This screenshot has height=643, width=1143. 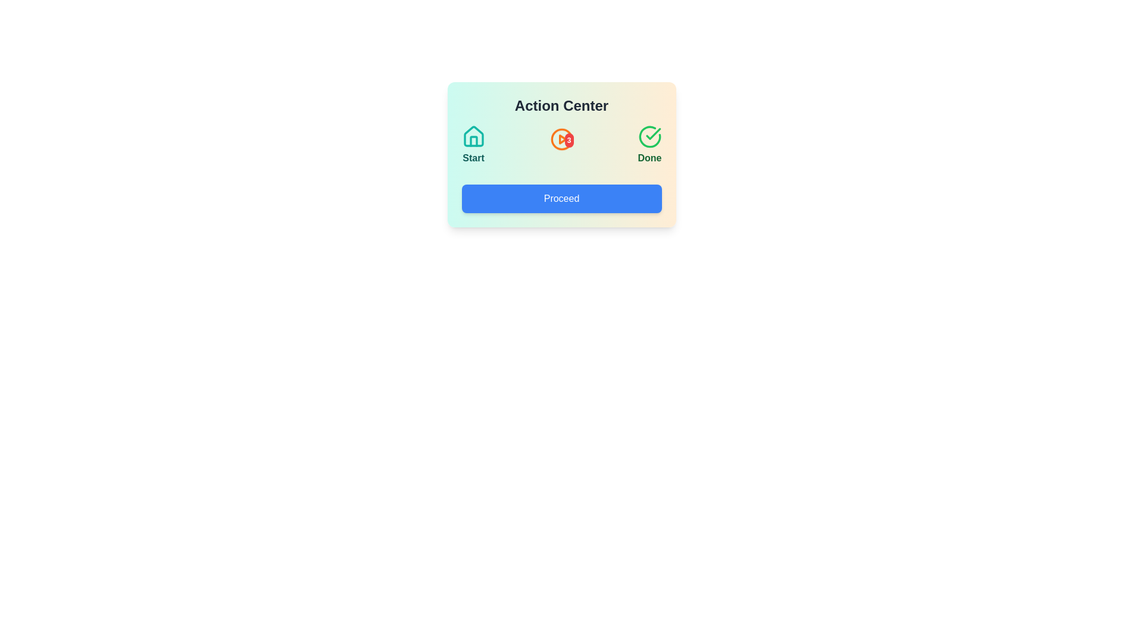 What do you see at coordinates (569, 139) in the screenshot?
I see `the small red badge with the white number '3' in bold text, which is positioned at the top-right corner of a circular play icon` at bounding box center [569, 139].